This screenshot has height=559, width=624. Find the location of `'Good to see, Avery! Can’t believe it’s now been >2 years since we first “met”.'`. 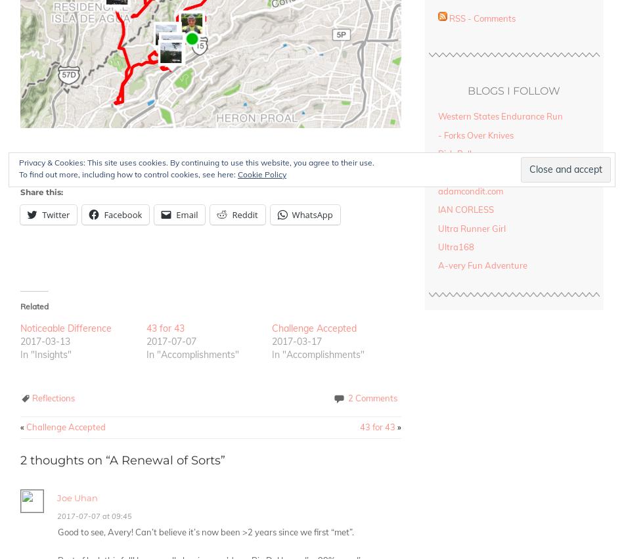

'Good to see, Avery! Can’t believe it’s now been >2 years since we first “met”.' is located at coordinates (205, 531).